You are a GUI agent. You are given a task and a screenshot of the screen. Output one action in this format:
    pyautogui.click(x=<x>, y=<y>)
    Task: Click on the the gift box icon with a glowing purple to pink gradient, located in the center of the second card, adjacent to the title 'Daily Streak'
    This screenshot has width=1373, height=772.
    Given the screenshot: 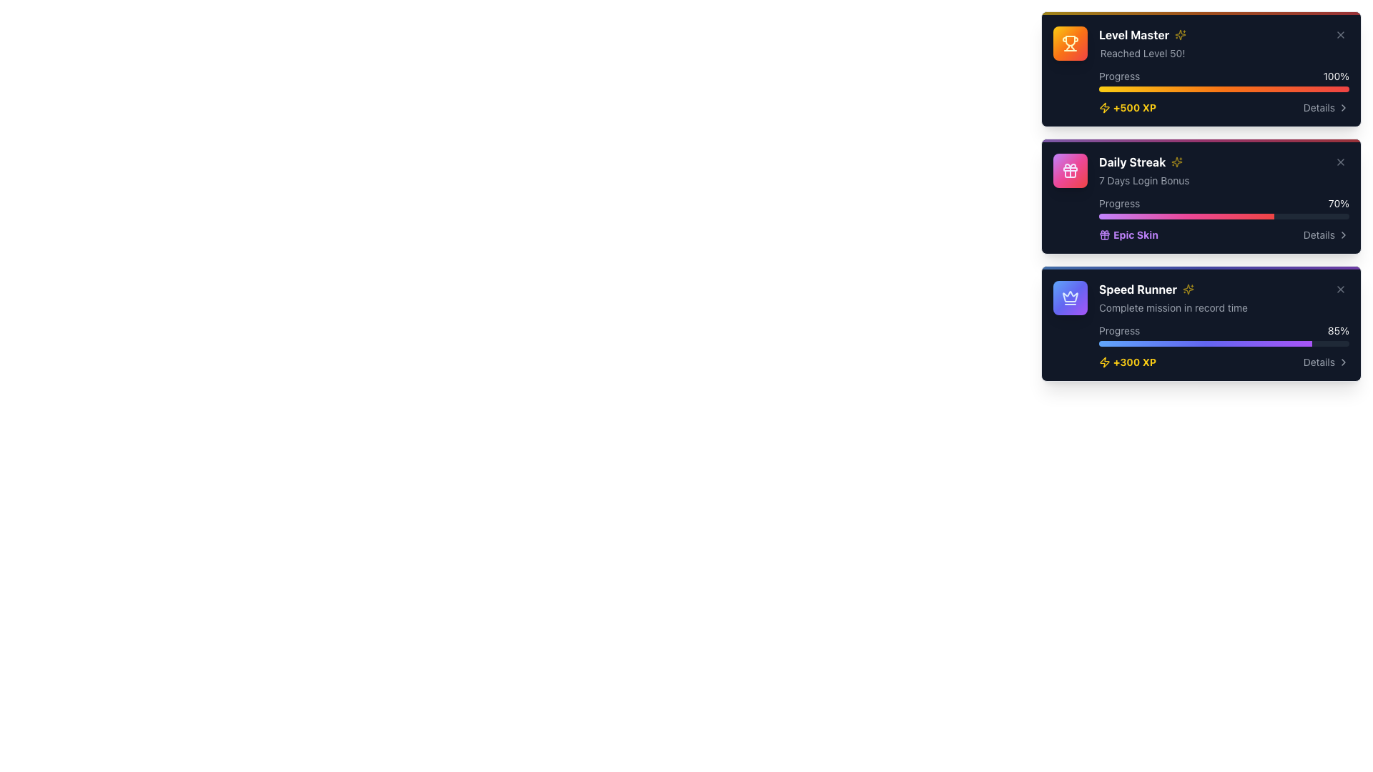 What is the action you would take?
    pyautogui.click(x=1071, y=170)
    